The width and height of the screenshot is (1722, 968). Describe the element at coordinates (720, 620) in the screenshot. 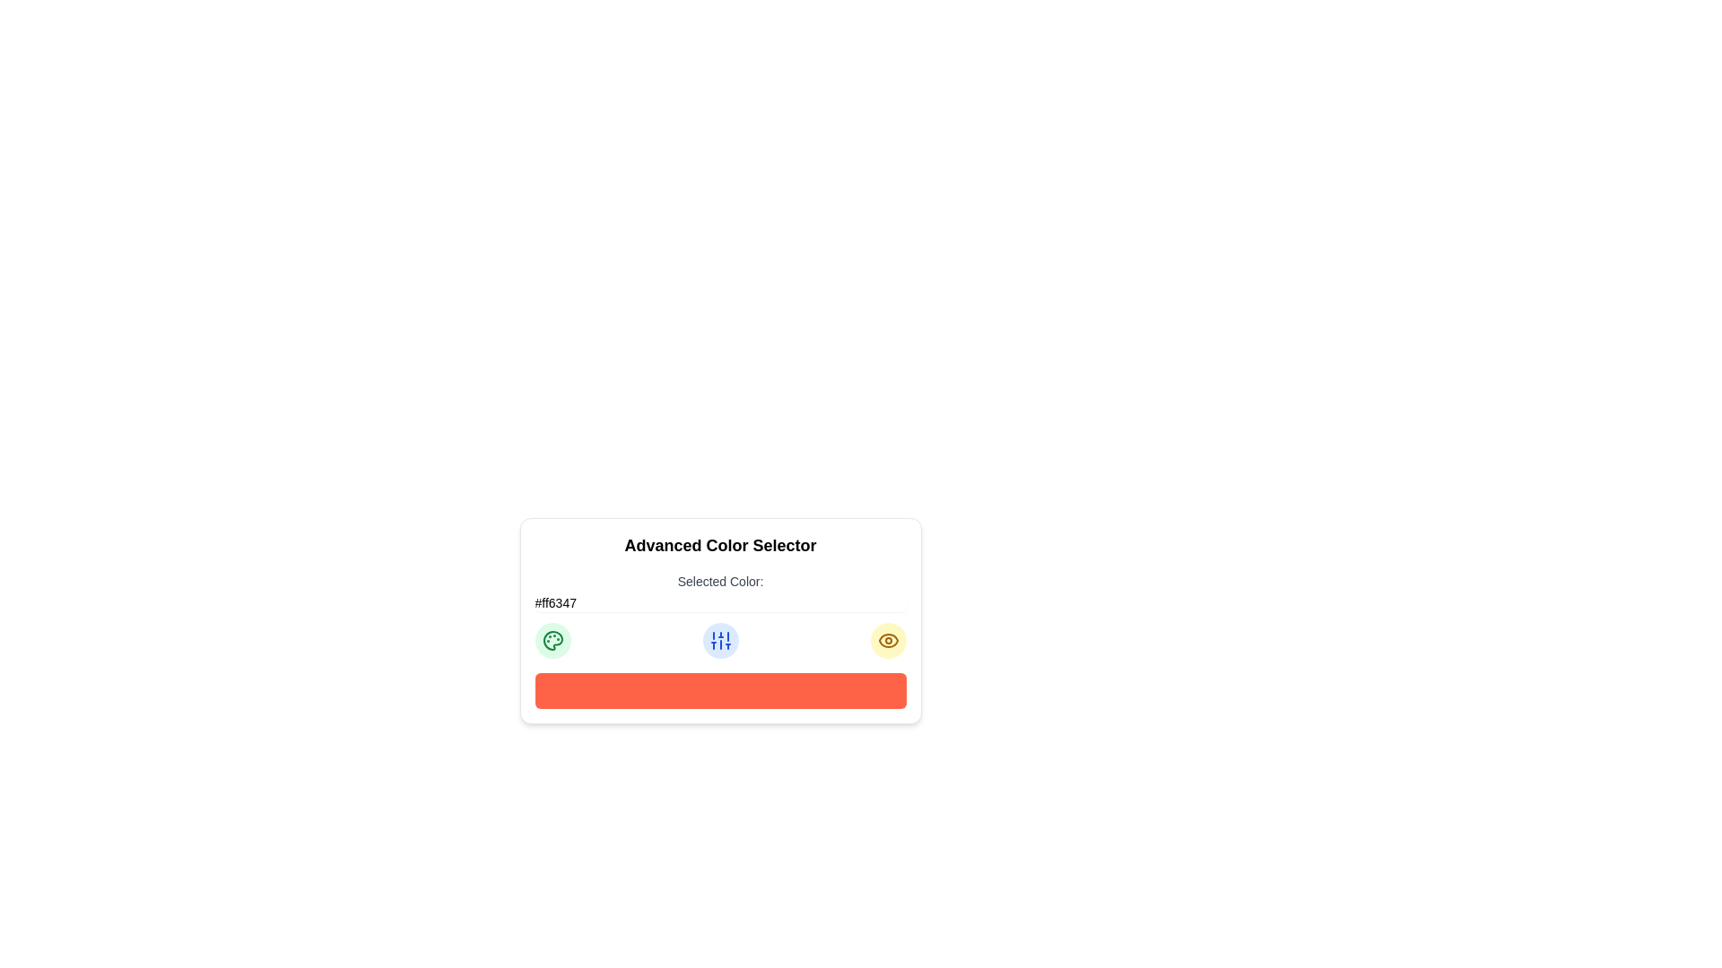

I see `the color selection dialog box to interact with the color options` at that location.